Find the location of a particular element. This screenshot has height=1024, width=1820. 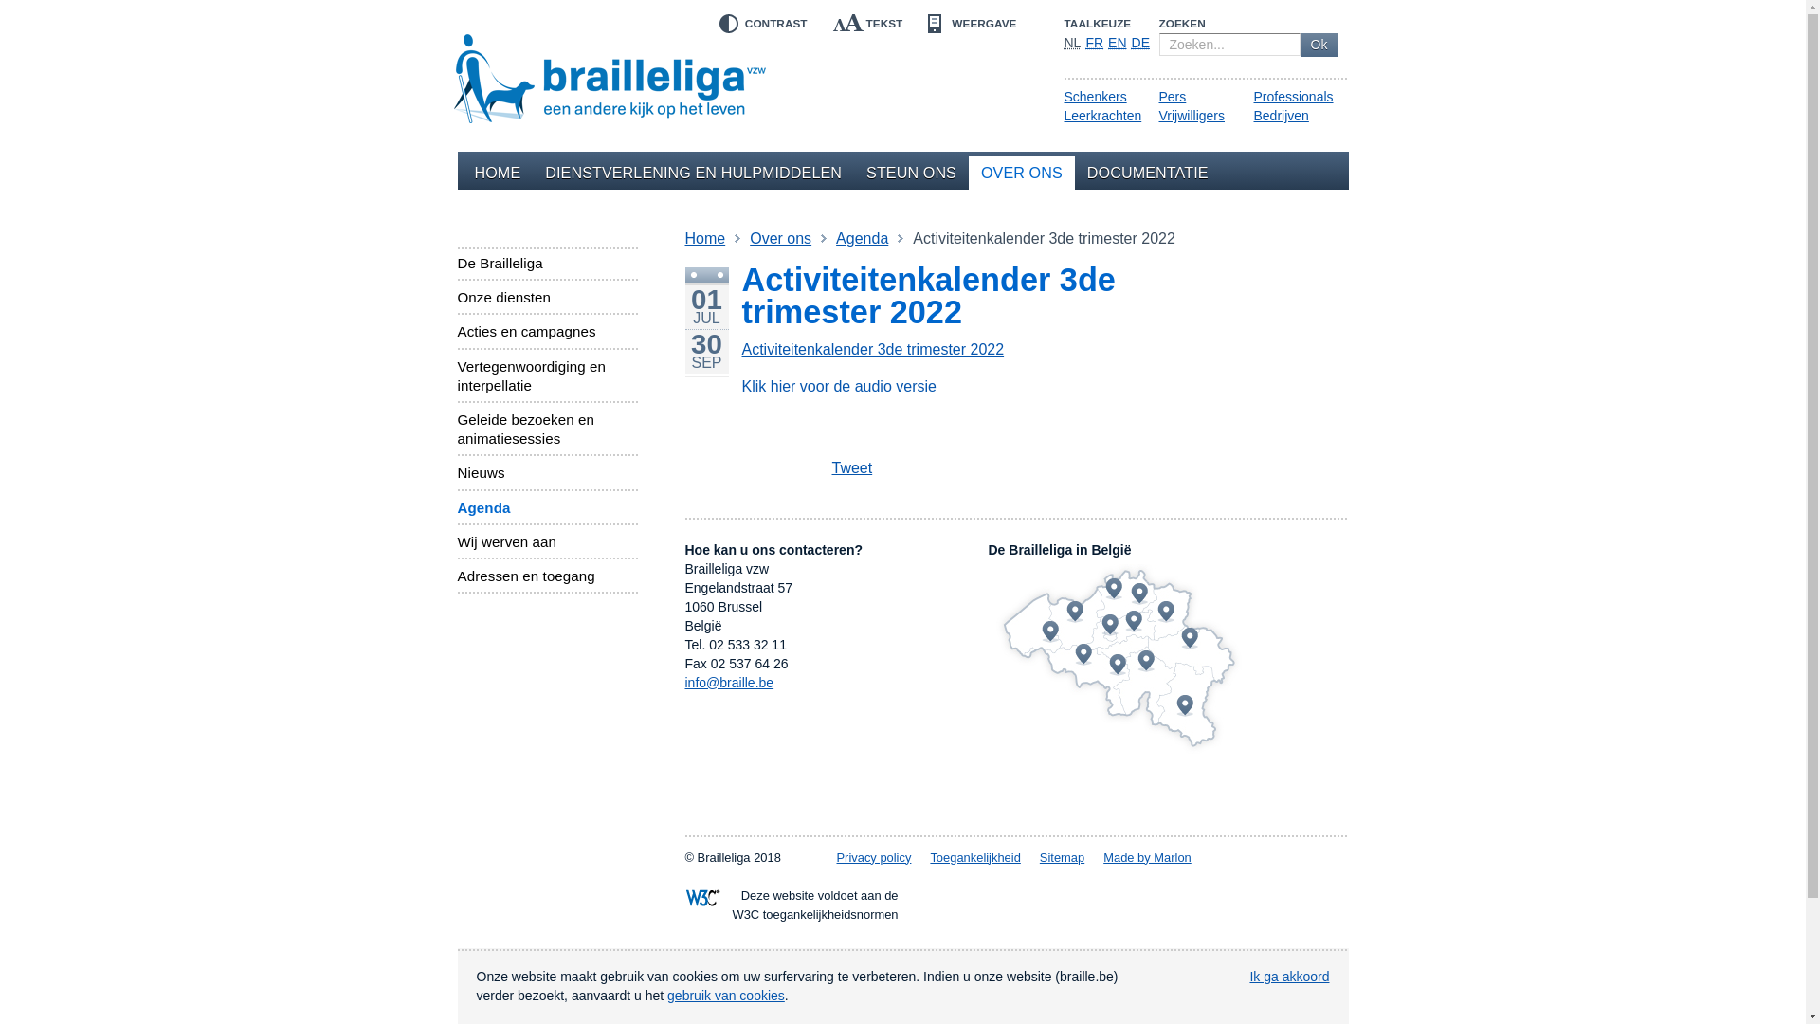

'HOME' is located at coordinates (463, 173).